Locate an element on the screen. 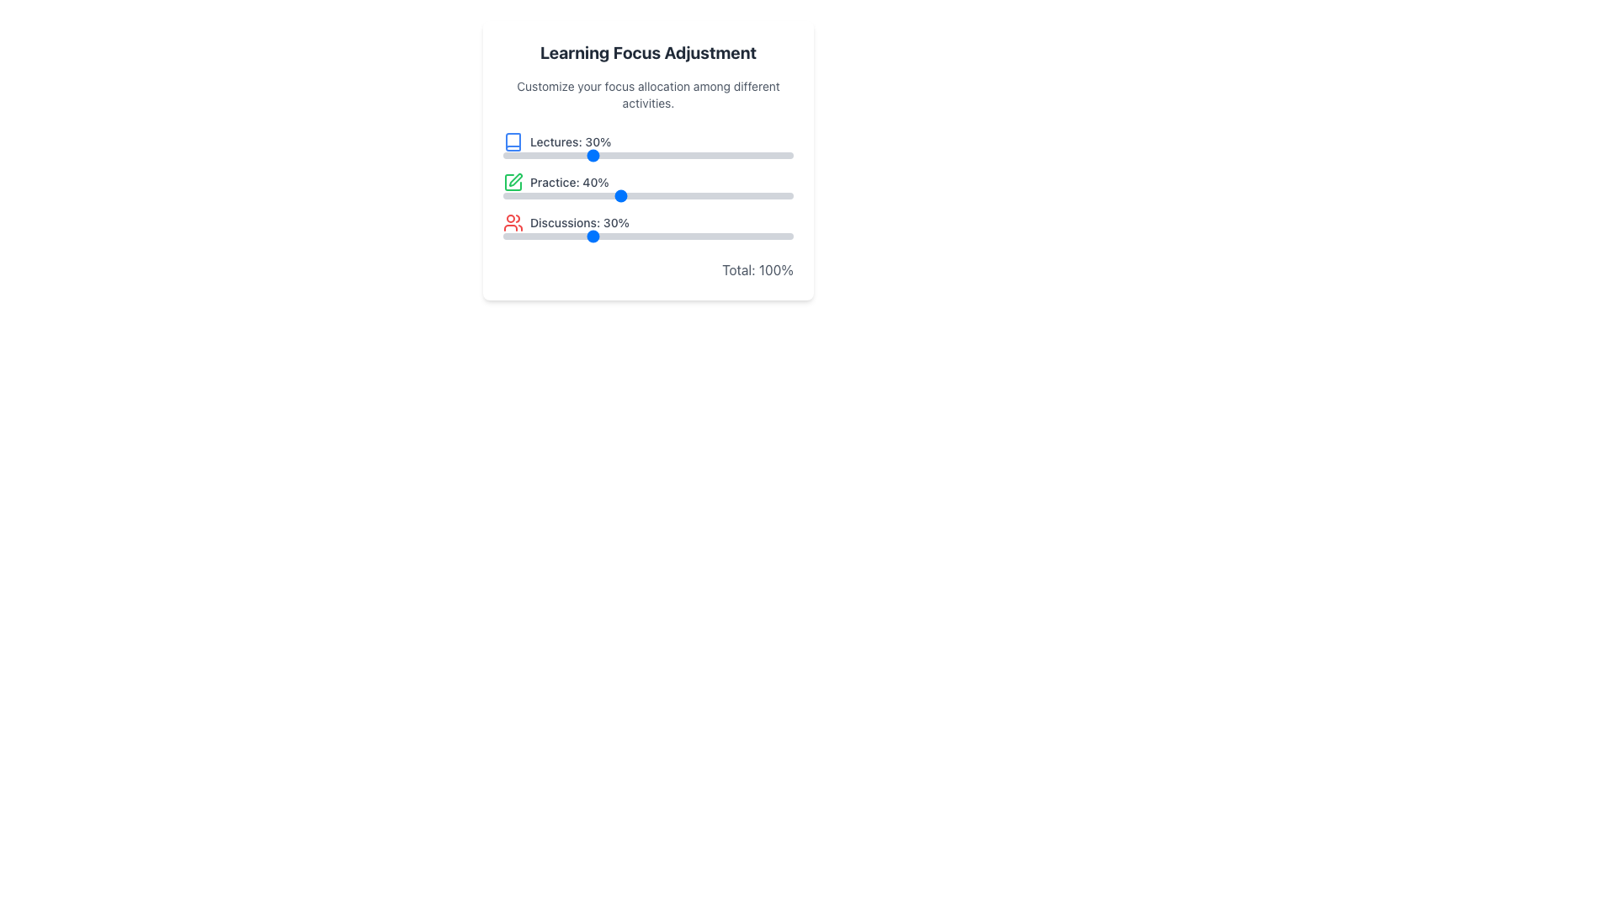 The image size is (1616, 909). the 'Practice' slider is located at coordinates (528, 194).